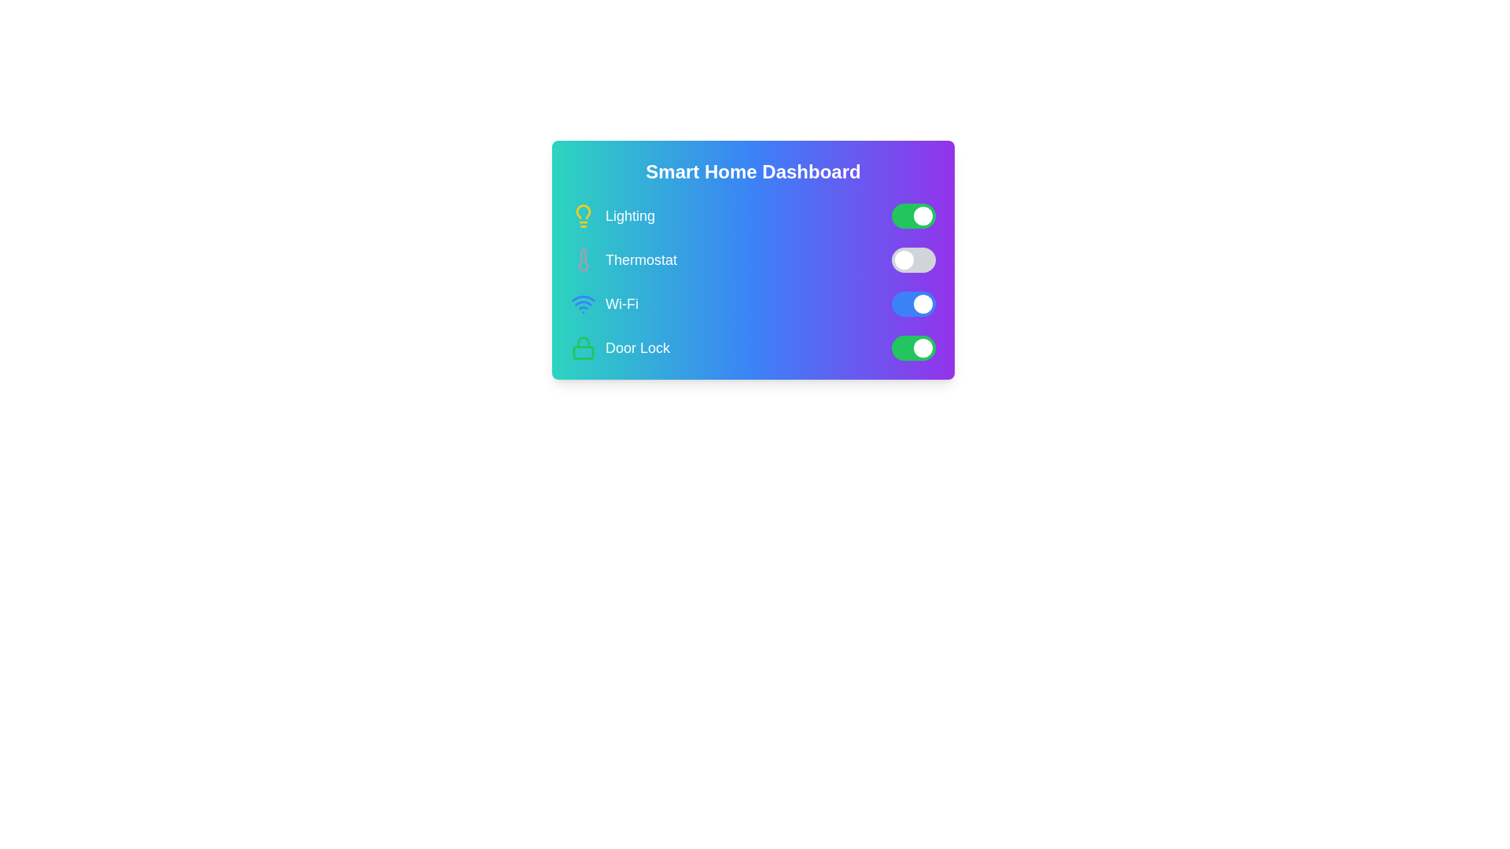  I want to click on label text 'Lighting' from the composite UI component consisting of a yellow lightbulb icon and the text, located in the first row of the Smart Home Dashboard, so click(612, 215).